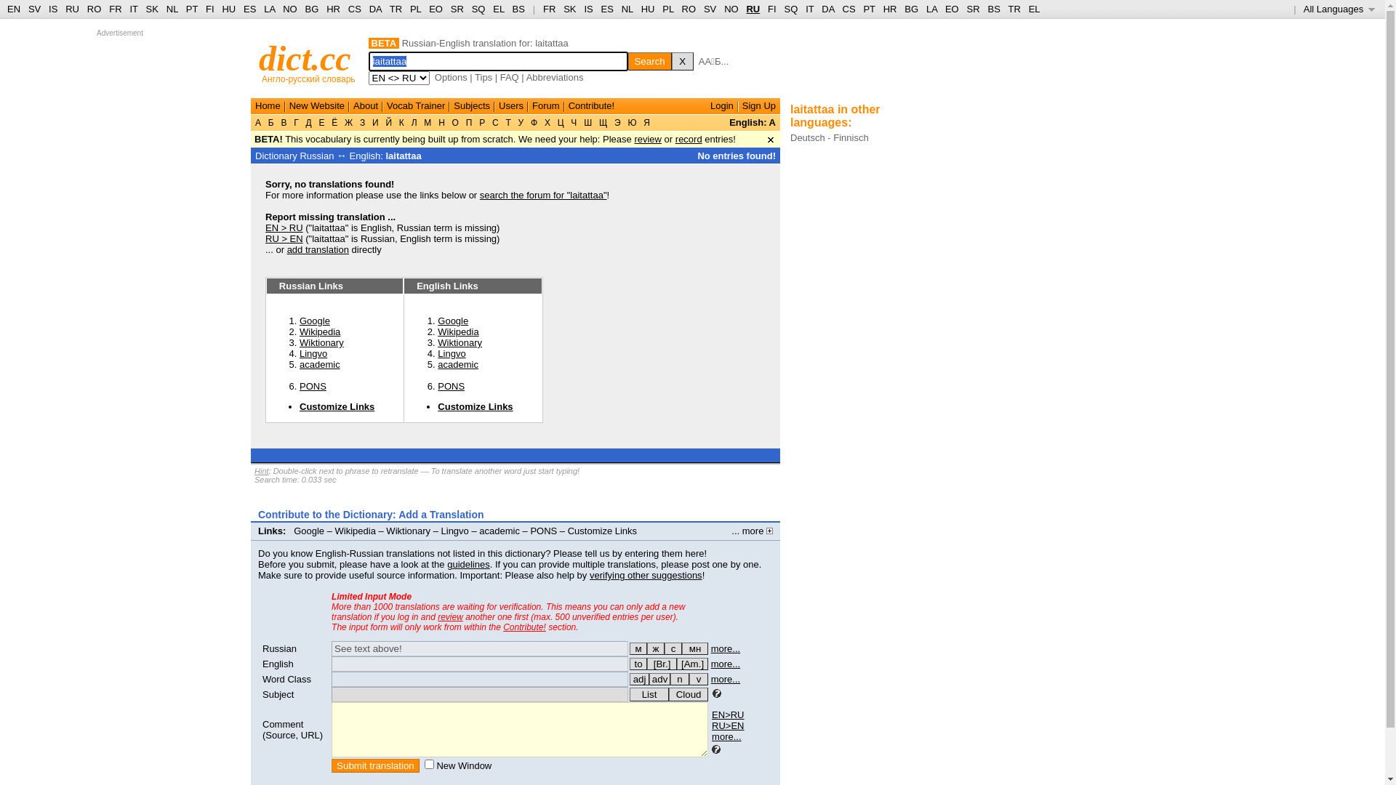  I want to click on 'adv', so click(648, 679).